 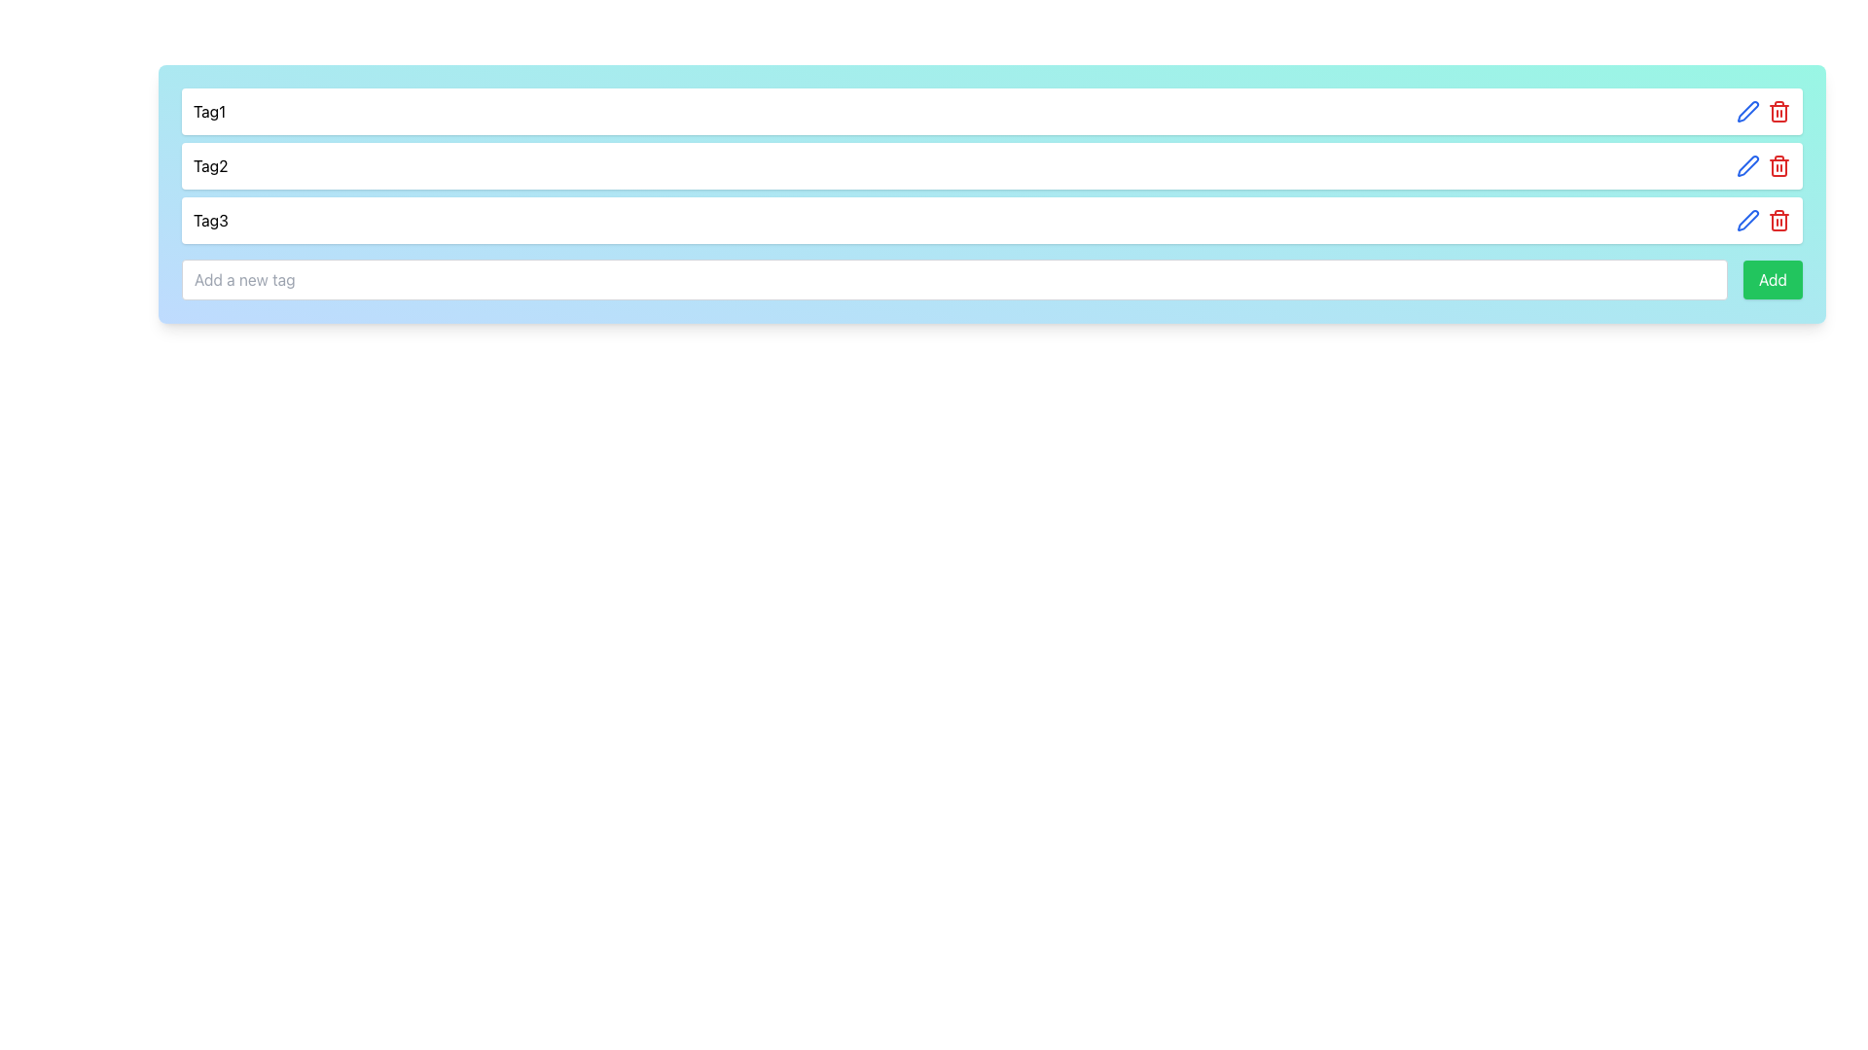 What do you see at coordinates (210, 220) in the screenshot?
I see `the text label displaying 'Tag3' which is styled in black font and is the third item in a vertical list of text labels` at bounding box center [210, 220].